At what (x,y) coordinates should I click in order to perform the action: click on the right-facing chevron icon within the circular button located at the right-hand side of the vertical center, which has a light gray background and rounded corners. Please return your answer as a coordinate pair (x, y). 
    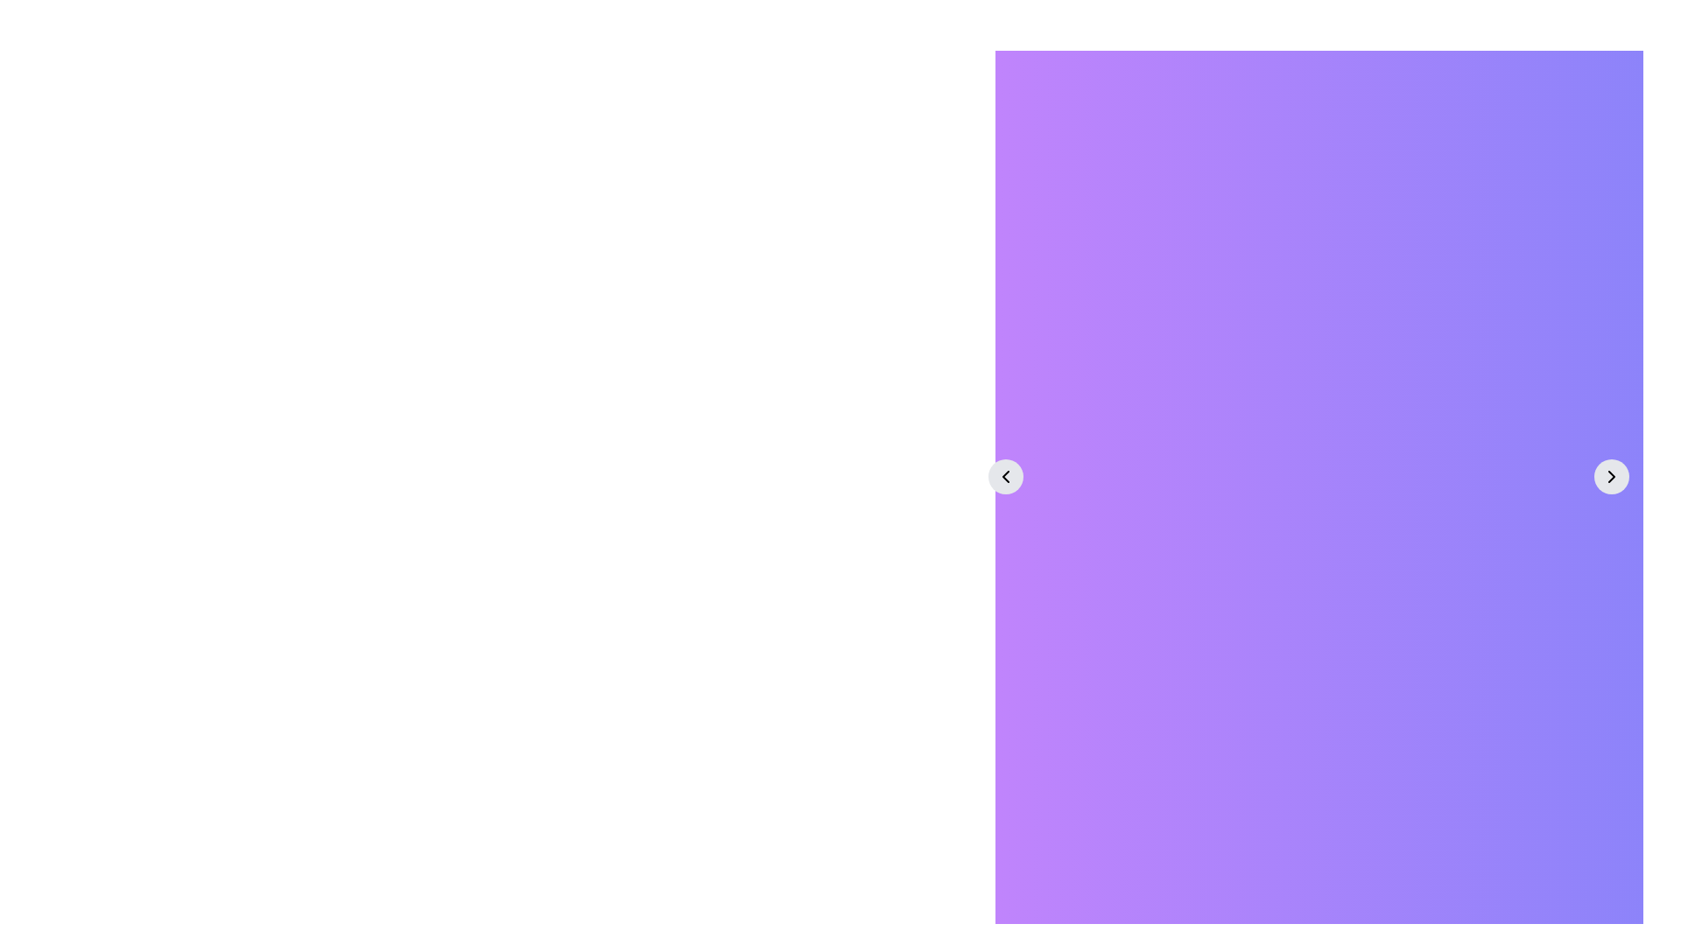
    Looking at the image, I should click on (1611, 476).